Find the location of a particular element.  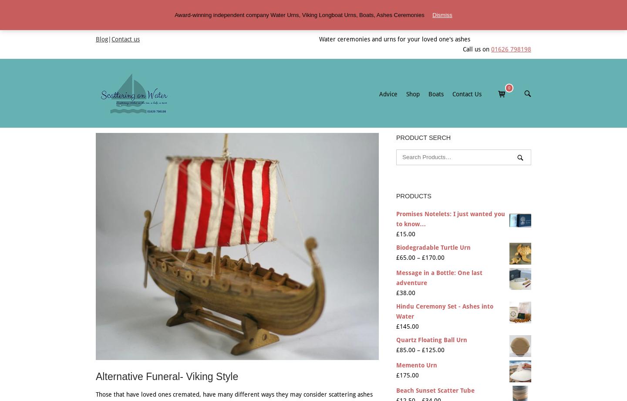

'Size of Boat' is located at coordinates (416, 118).